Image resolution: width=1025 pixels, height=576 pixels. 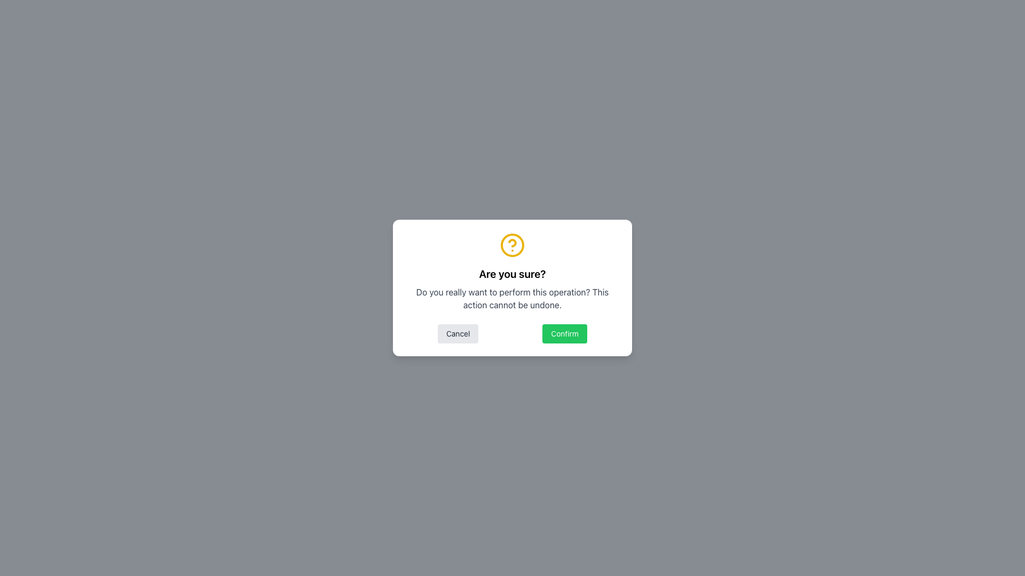 What do you see at coordinates (512, 333) in the screenshot?
I see `the 'Confirm' button in the Interactive button group located at the bottom of the modal card, below the title 'Are you sure?'` at bounding box center [512, 333].